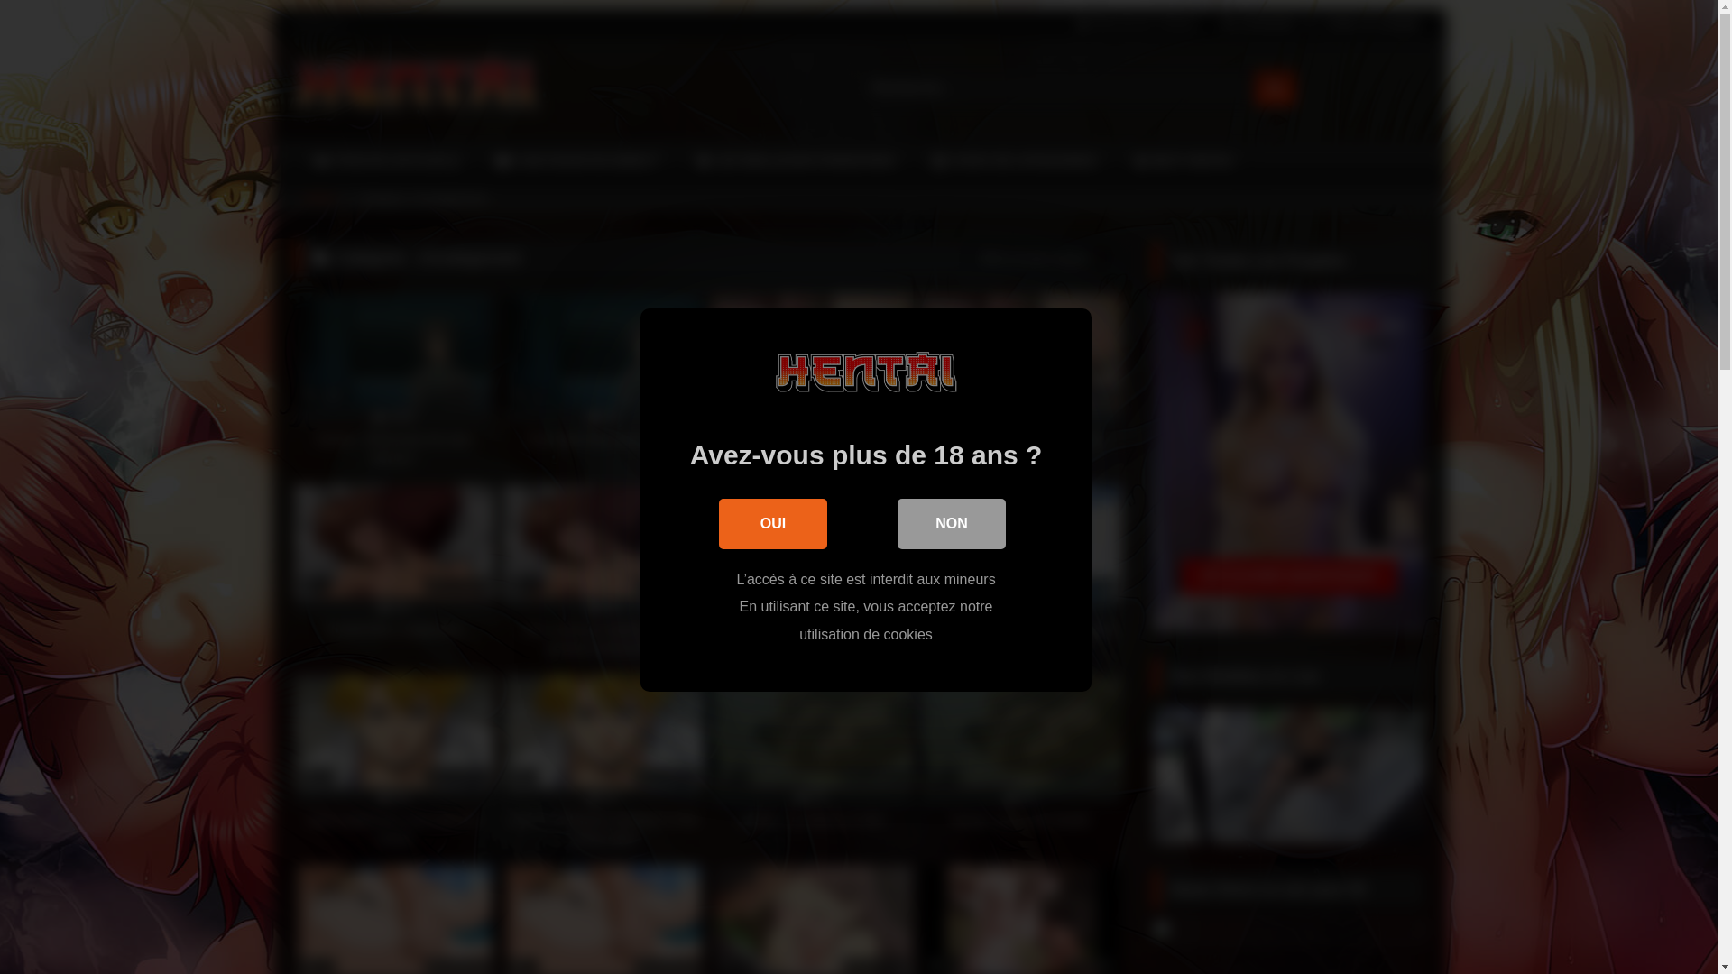  Describe the element at coordinates (320, 198) in the screenshot. I see `'Home'` at that location.